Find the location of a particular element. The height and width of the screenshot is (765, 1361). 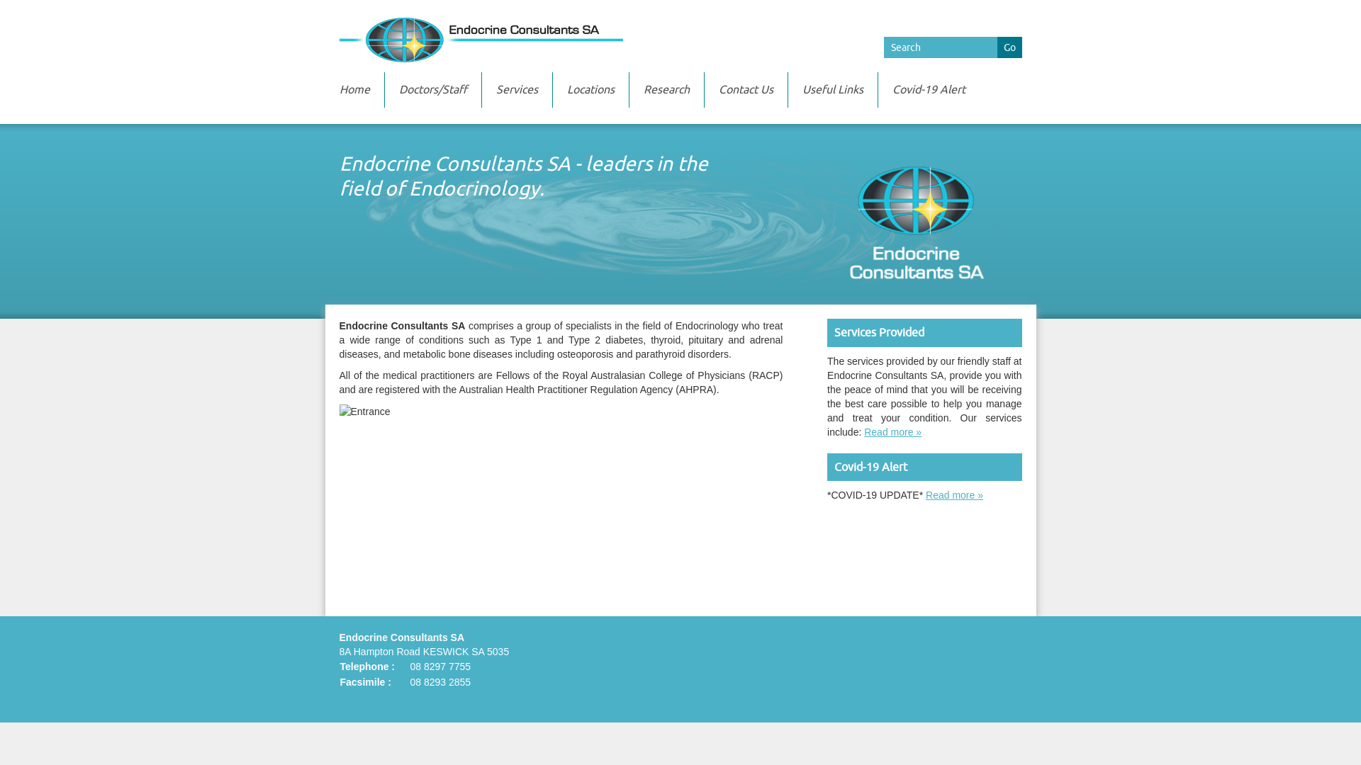

'Doctors/Staff' is located at coordinates (431, 90).